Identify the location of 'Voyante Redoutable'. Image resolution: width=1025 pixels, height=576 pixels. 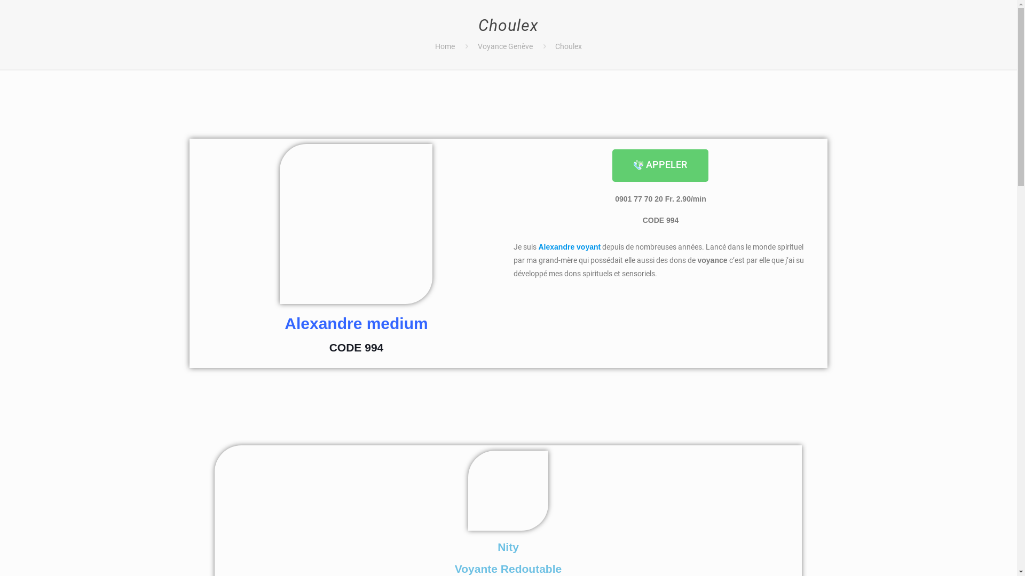
(507, 568).